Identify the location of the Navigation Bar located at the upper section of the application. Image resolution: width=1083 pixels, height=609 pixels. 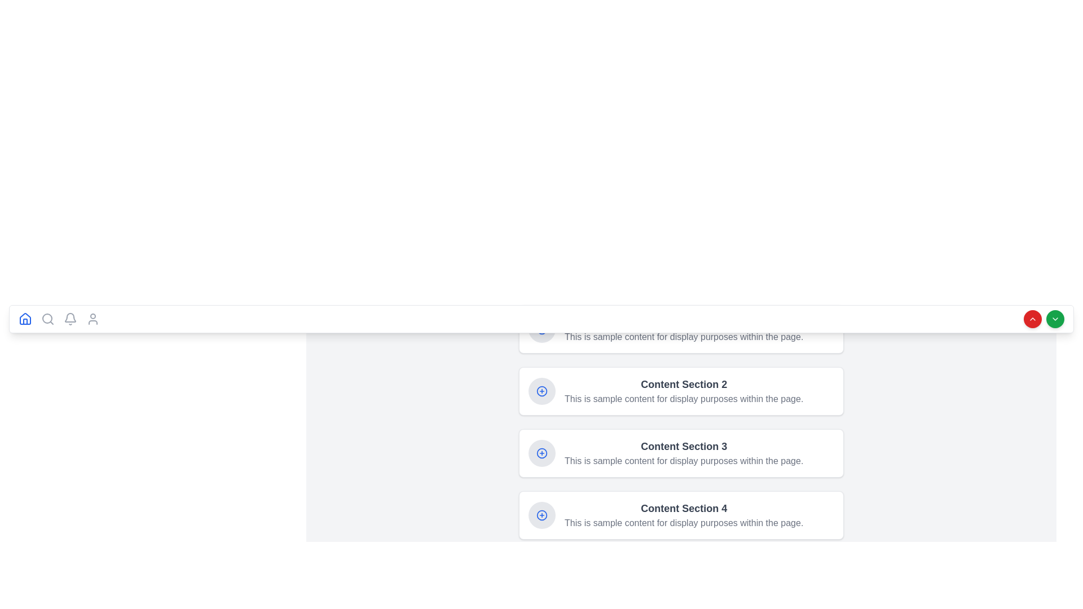
(541, 319).